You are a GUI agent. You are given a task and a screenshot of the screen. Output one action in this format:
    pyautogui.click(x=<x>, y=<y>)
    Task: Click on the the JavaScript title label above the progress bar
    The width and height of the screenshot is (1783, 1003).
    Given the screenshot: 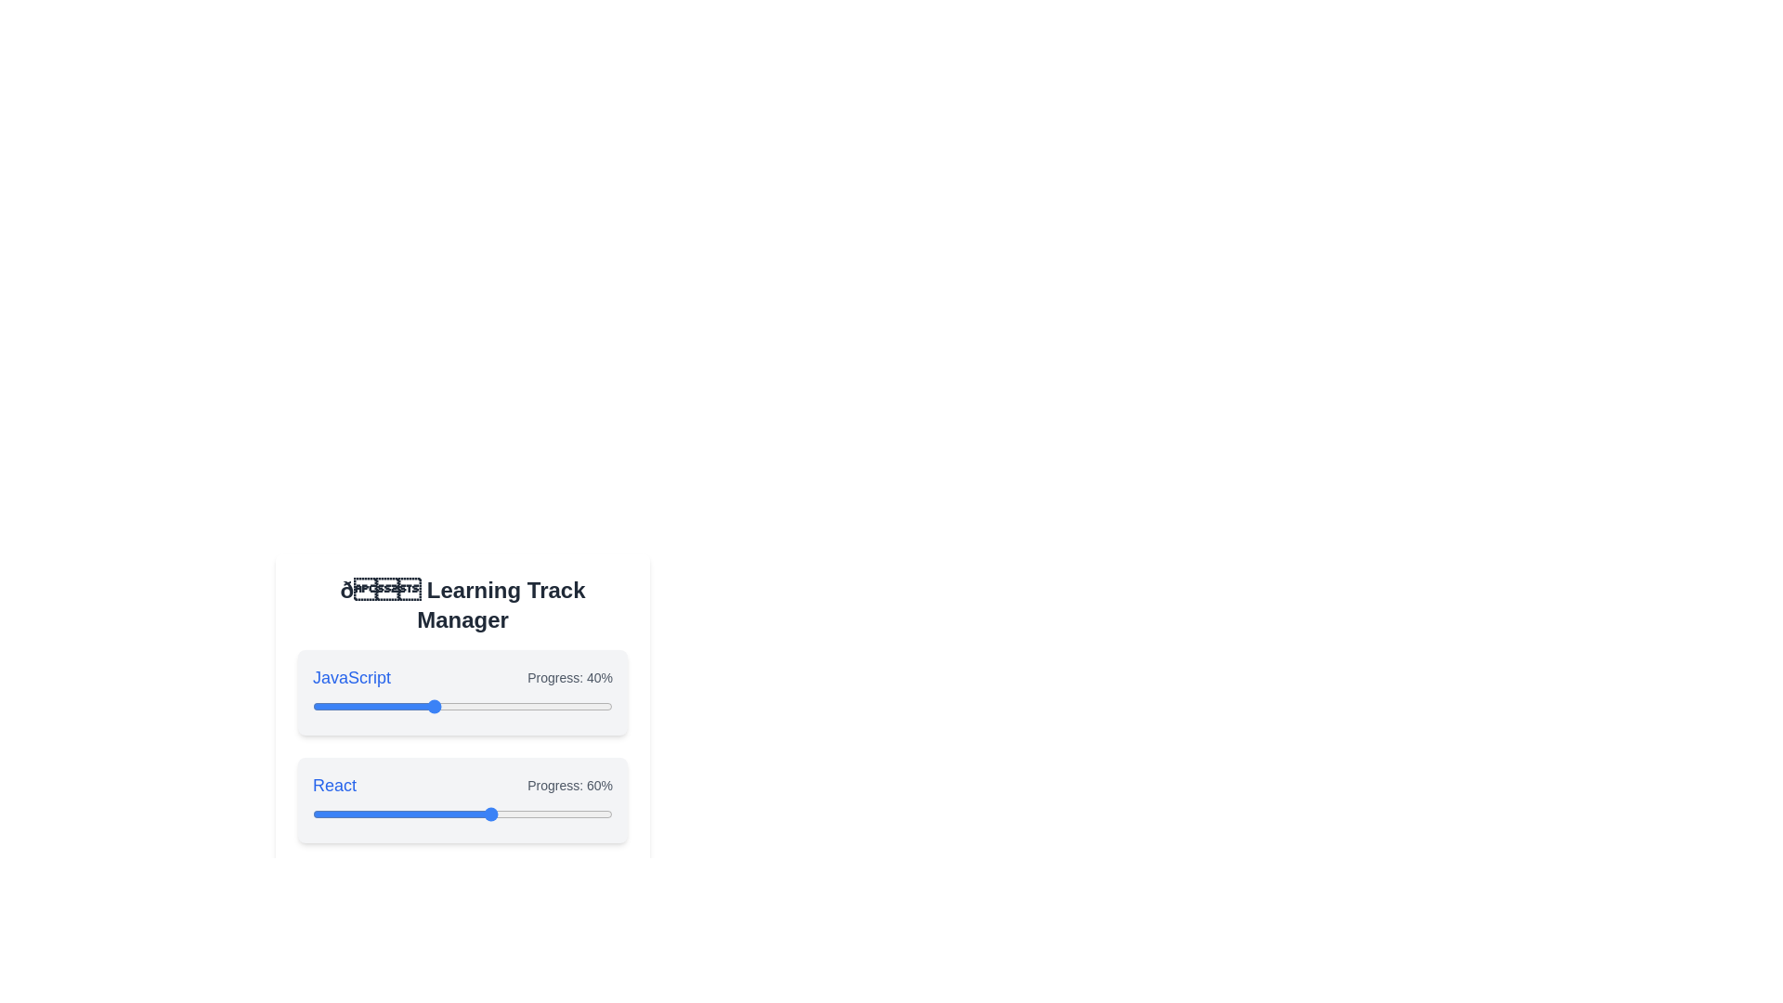 What is the action you would take?
    pyautogui.click(x=352, y=677)
    